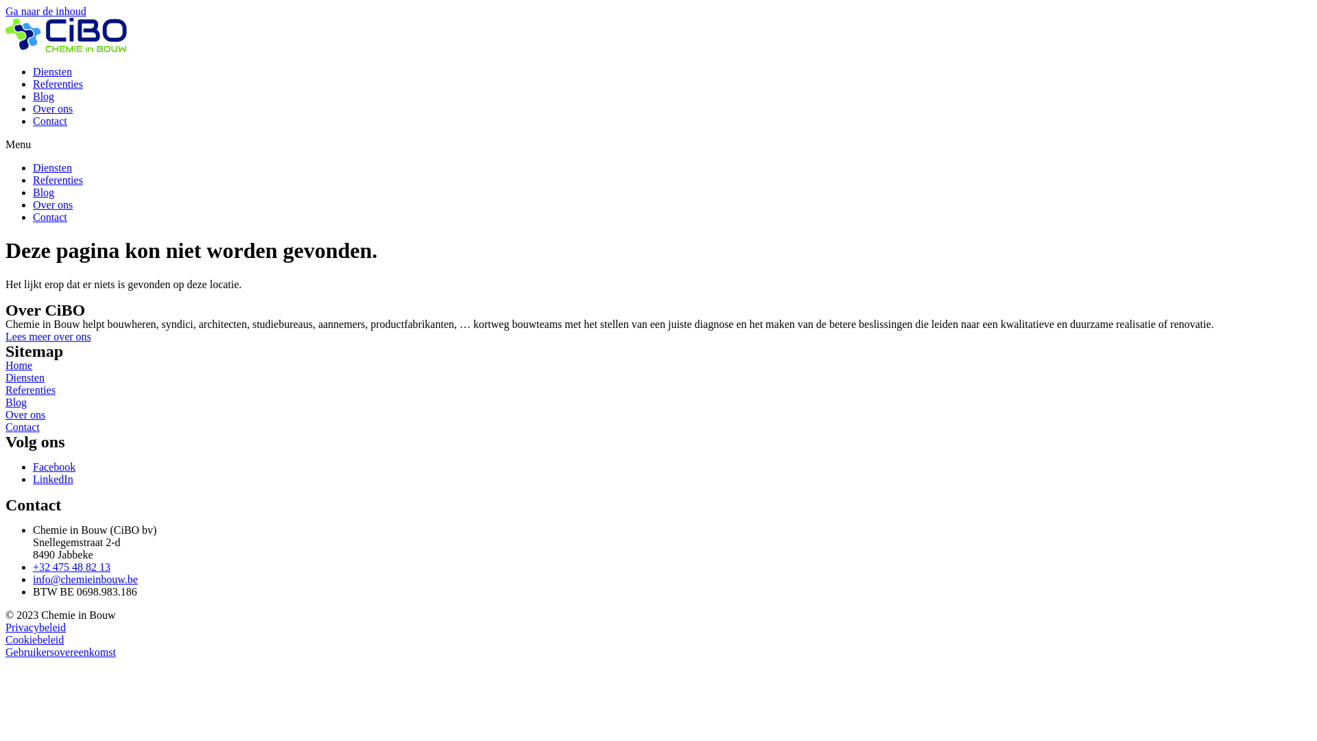  What do you see at coordinates (52, 71) in the screenshot?
I see `'Diensten'` at bounding box center [52, 71].